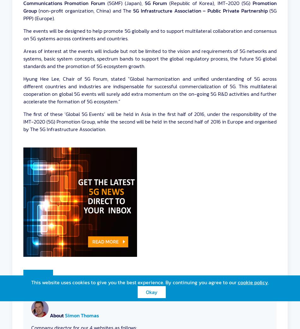  What do you see at coordinates (85, 10) in the screenshot?
I see `'(non-profit organization, China) and The'` at bounding box center [85, 10].